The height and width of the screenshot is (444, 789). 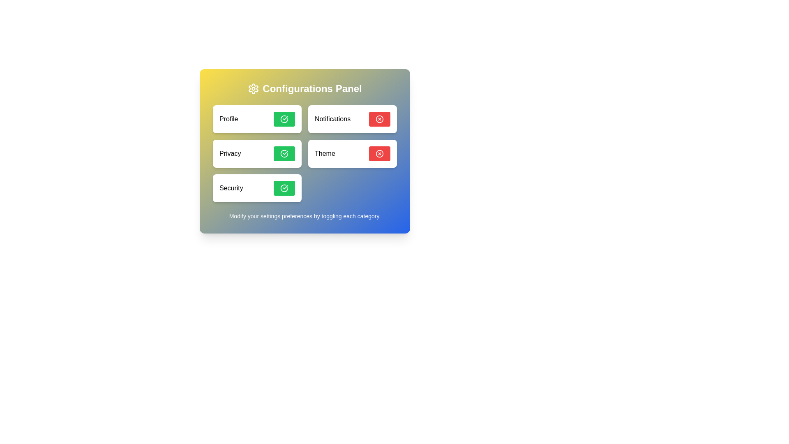 I want to click on the profile status indicator located to the right of the 'Profile' label in the configuration options, so click(x=284, y=119).